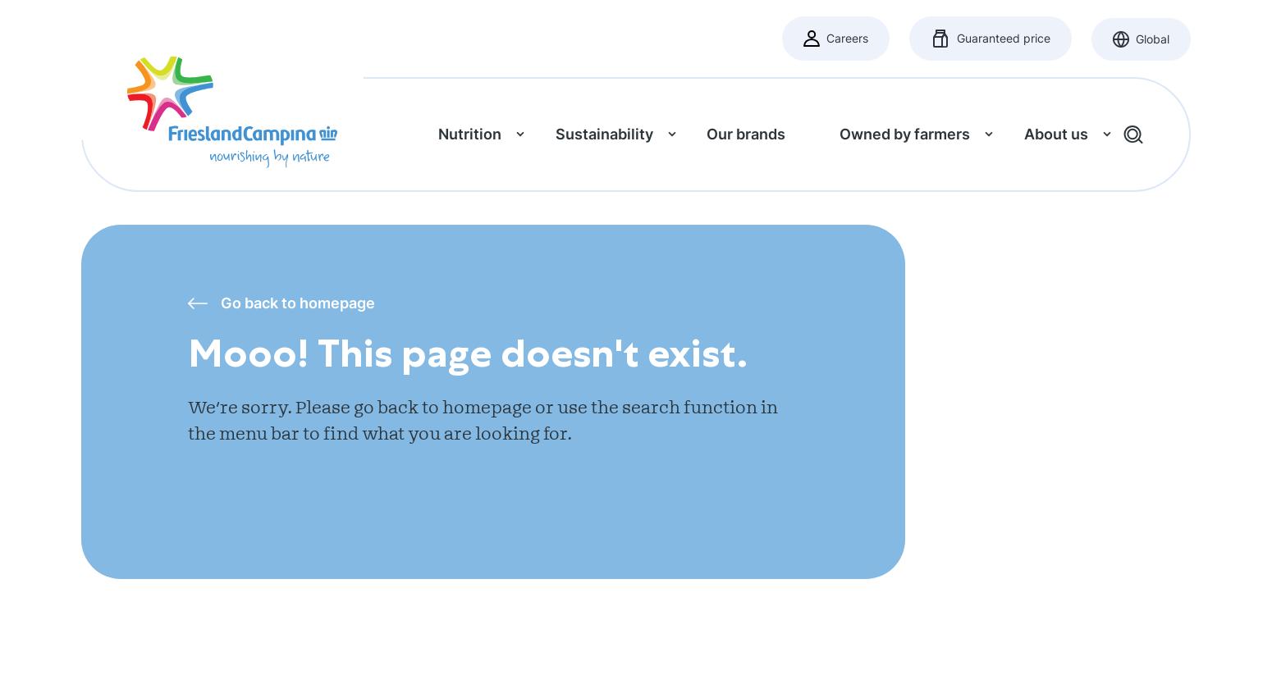 The width and height of the screenshot is (1272, 684). What do you see at coordinates (463, 203) in the screenshot?
I see `'Story of Milk'` at bounding box center [463, 203].